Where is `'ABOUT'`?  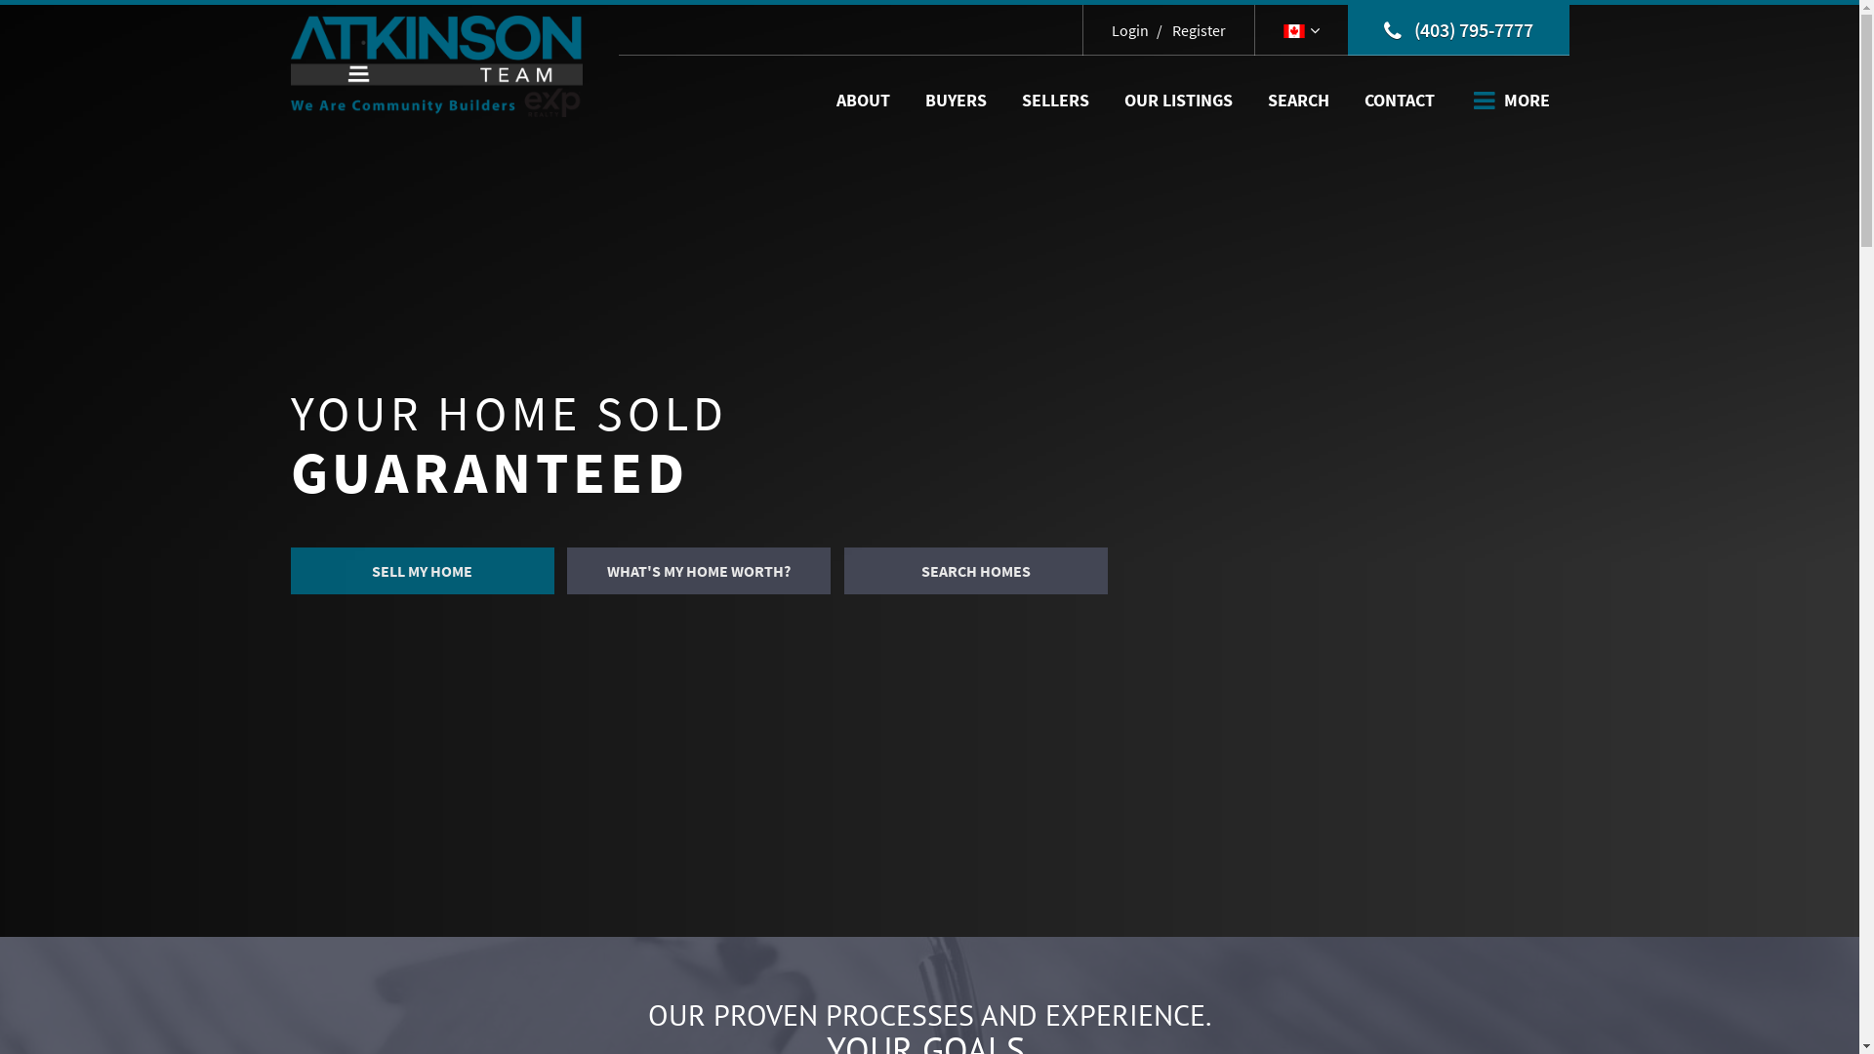 'ABOUT' is located at coordinates (861, 101).